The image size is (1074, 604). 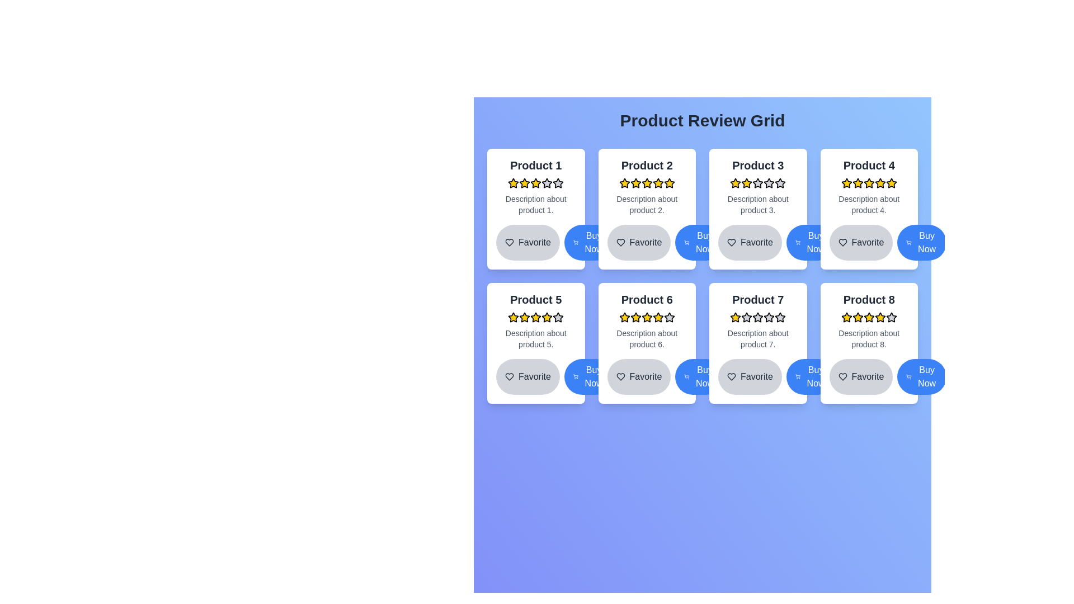 What do you see at coordinates (509, 377) in the screenshot?
I see `the heart icon located at the bottom left of the product card for 'Product 5' to mark it as a favorite` at bounding box center [509, 377].